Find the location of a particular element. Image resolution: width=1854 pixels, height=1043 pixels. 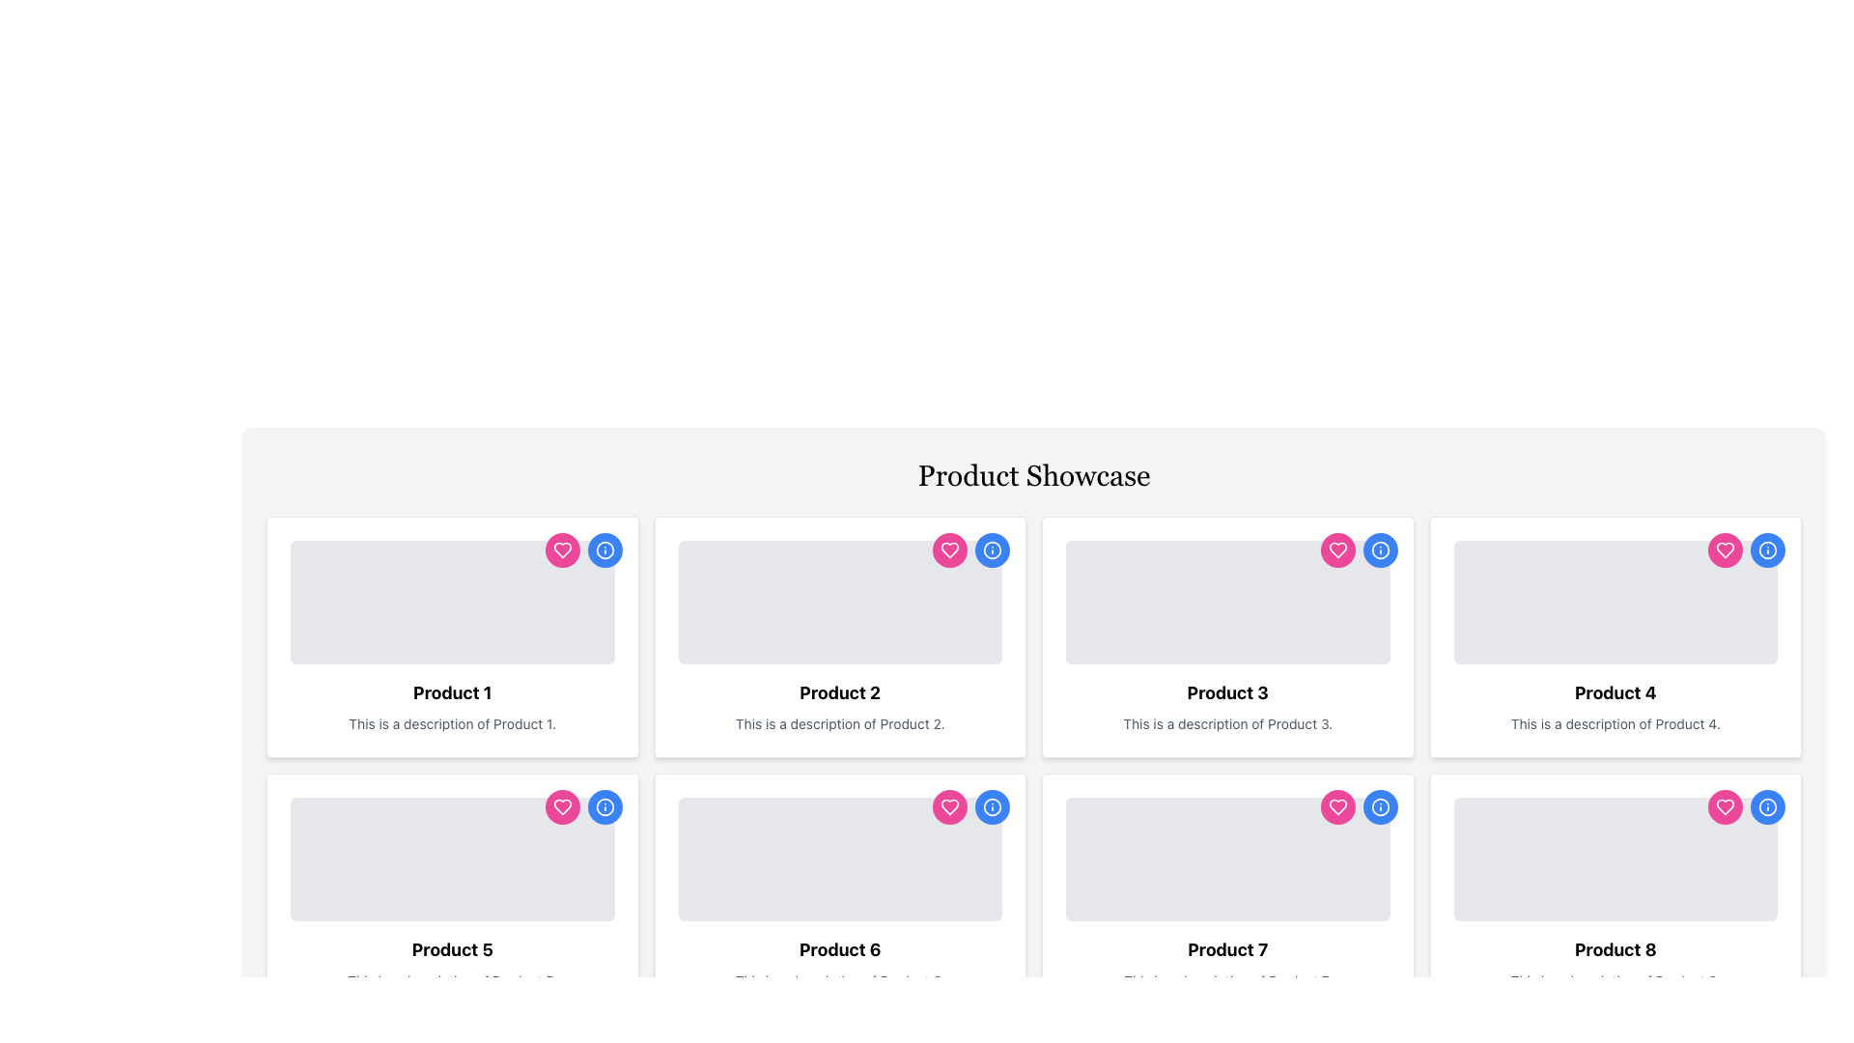

the circular pink button with a white outlined heart icon located at the top-right corner of the card for Product 8 to change its background color is located at coordinates (1725, 807).